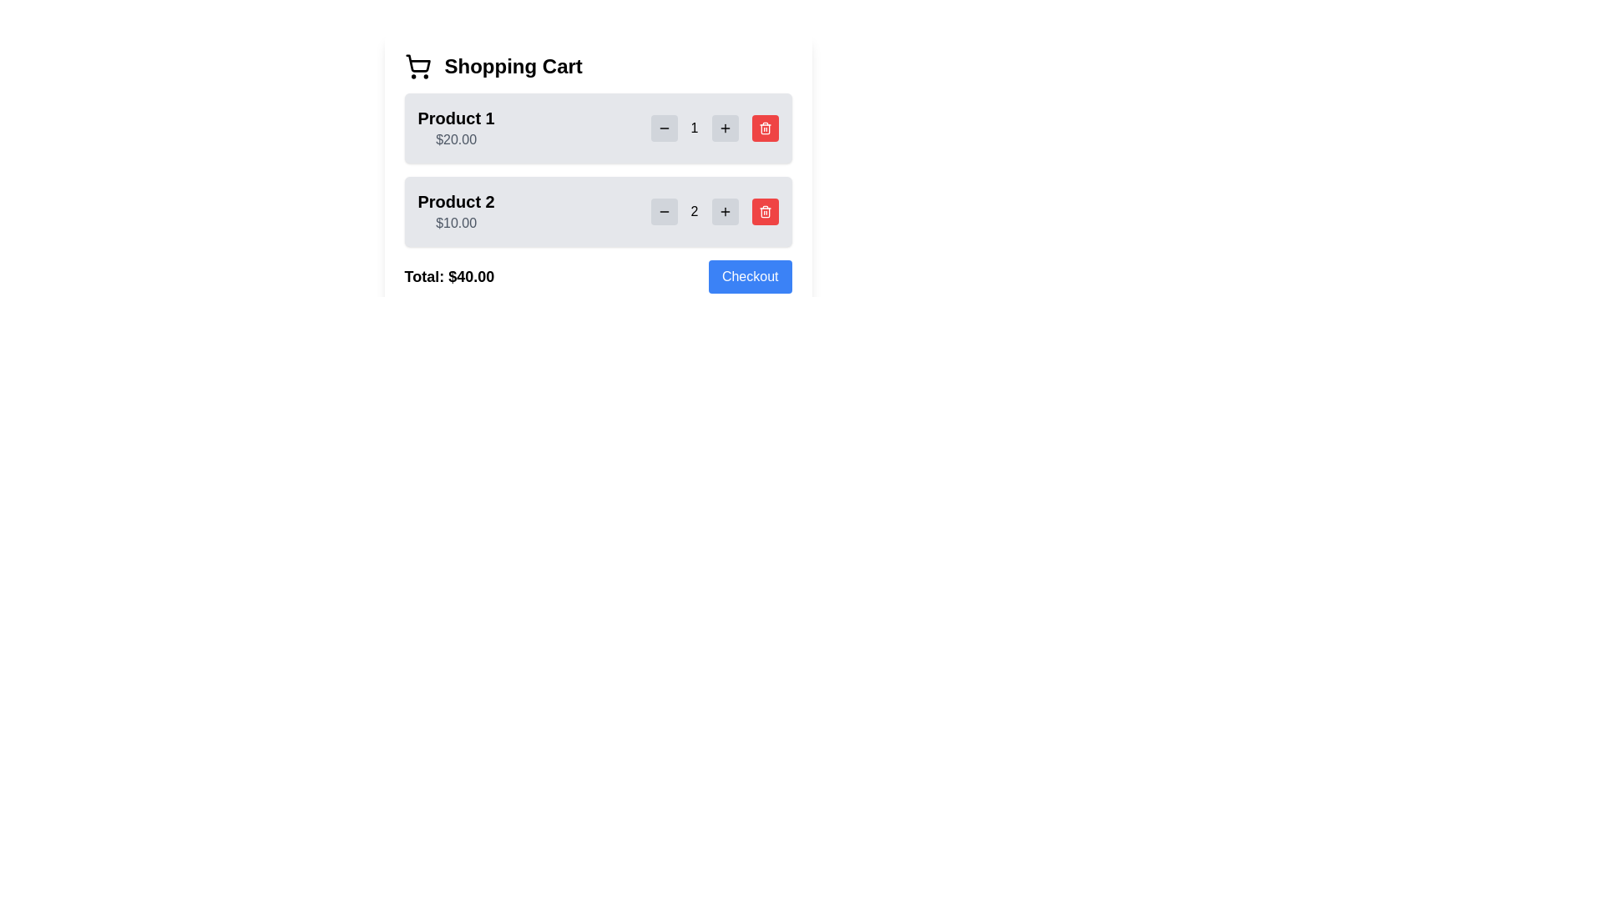 This screenshot has width=1603, height=901. I want to click on price text label located beneath the product name 'Product 1', which is styled in gray color, so click(456, 138).